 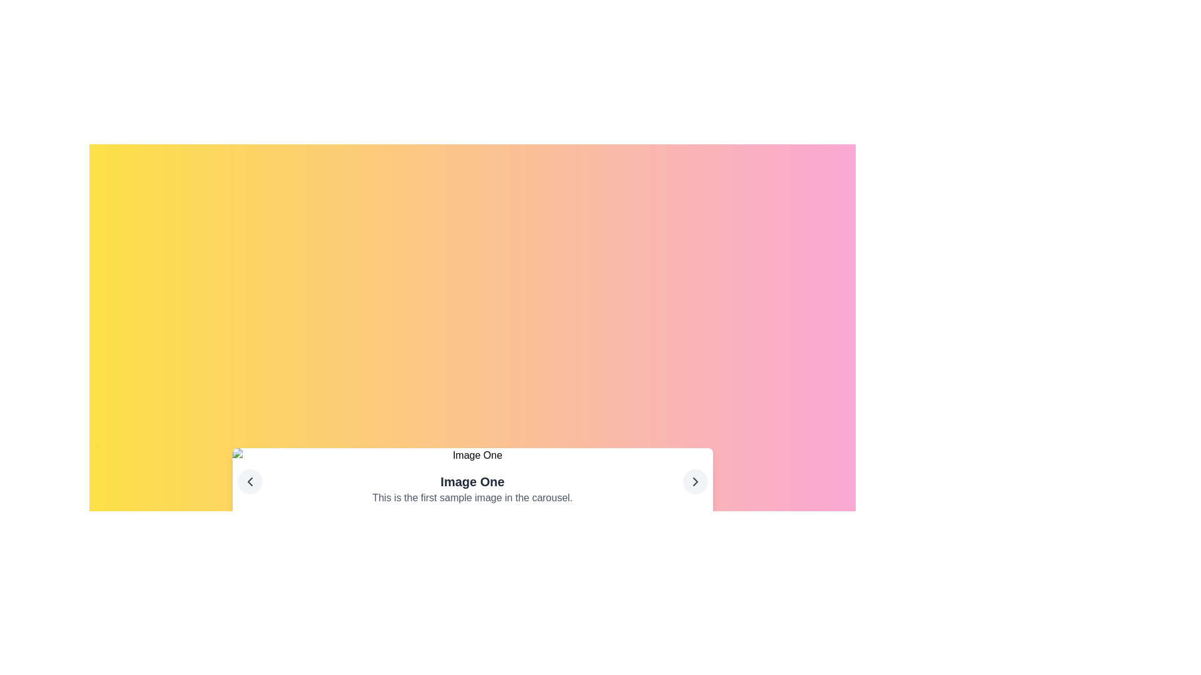 What do you see at coordinates (250, 481) in the screenshot?
I see `the left-pointing chevron icon, which is part of a circular button in the bottom left section of the interface` at bounding box center [250, 481].